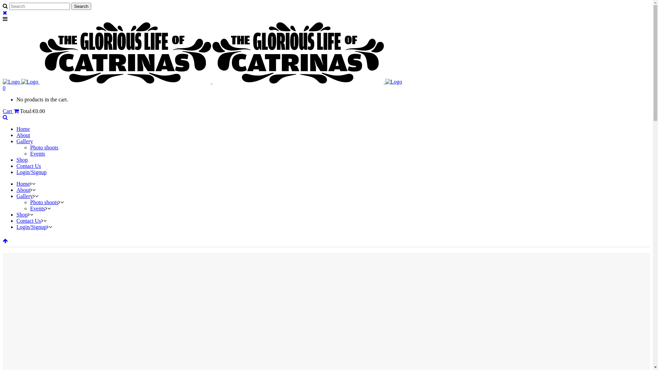  What do you see at coordinates (81, 6) in the screenshot?
I see `'Search'` at bounding box center [81, 6].